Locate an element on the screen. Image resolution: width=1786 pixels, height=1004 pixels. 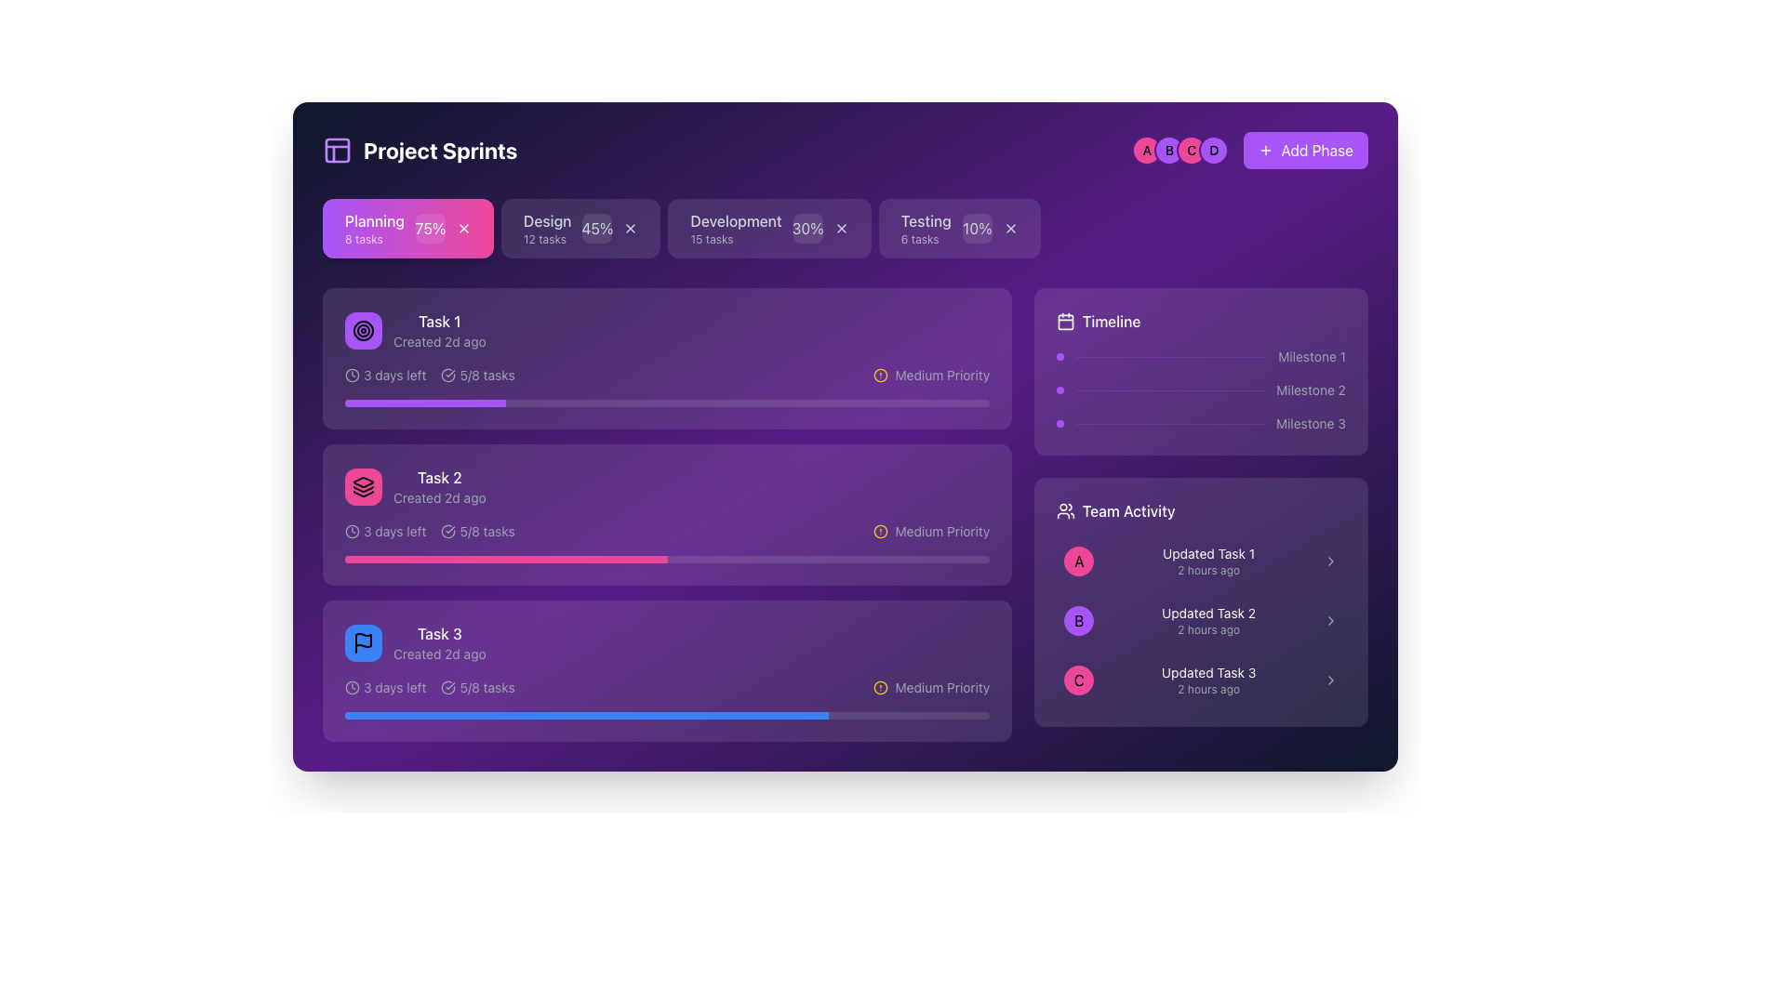
the static display element that shows the progress percentage within the 'Design' phase of the sprint progress bar, located to the right of '12 tasks' and slightly left of the close ('X') button is located at coordinates (597, 228).